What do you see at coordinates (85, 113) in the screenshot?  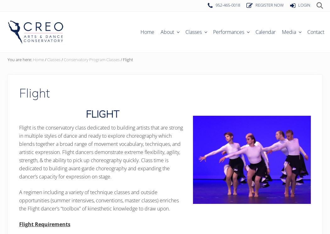 I see `'FLIGHT'` at bounding box center [85, 113].